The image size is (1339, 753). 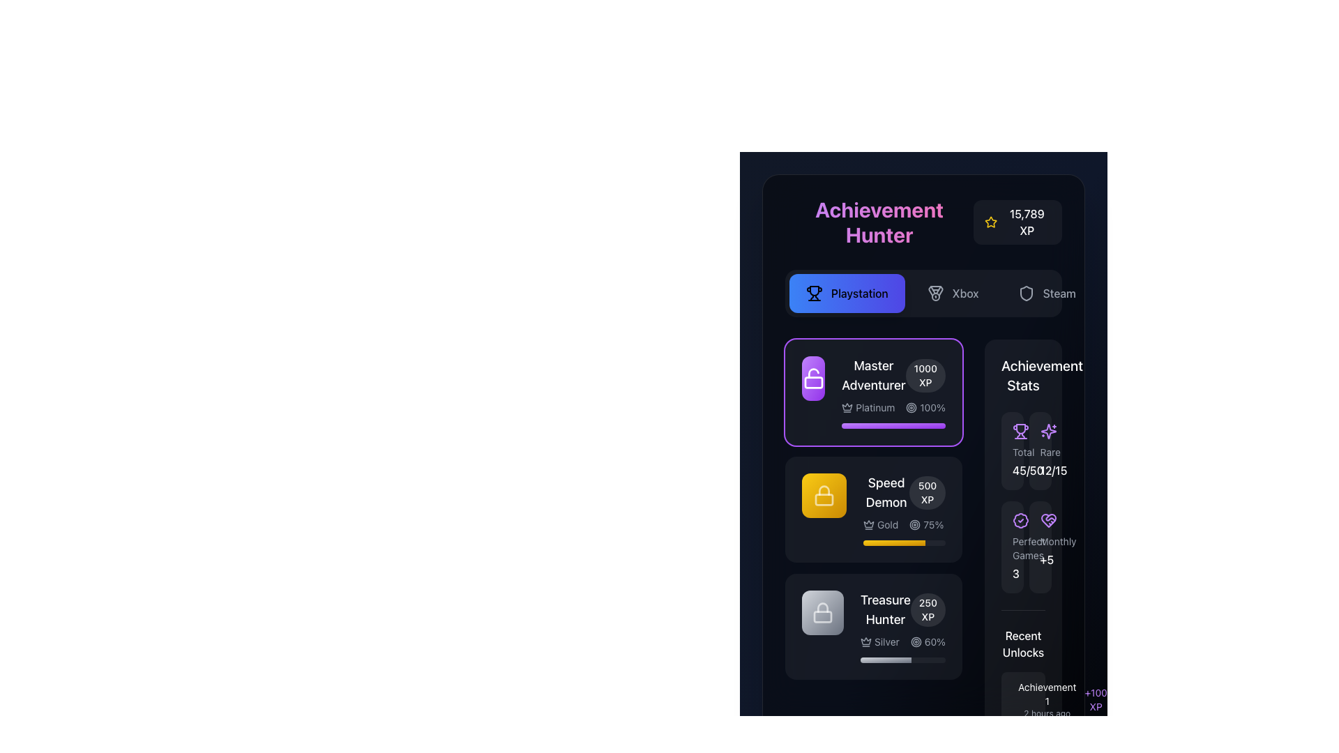 What do you see at coordinates (935, 642) in the screenshot?
I see `the text display showing '60%' in the bottom-right corner of the 'Treasure Hunter' card, indicating progress or completion` at bounding box center [935, 642].